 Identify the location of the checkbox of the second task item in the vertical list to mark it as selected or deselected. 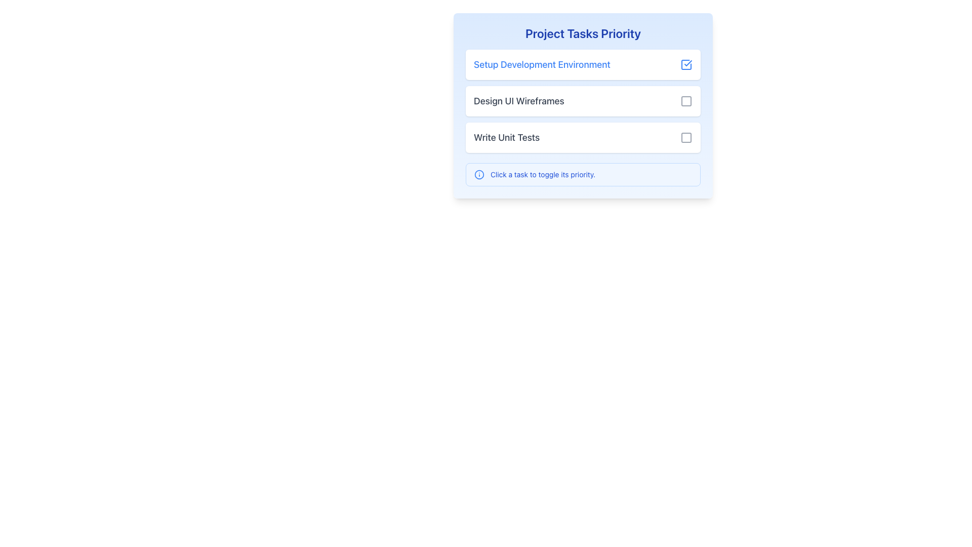
(583, 105).